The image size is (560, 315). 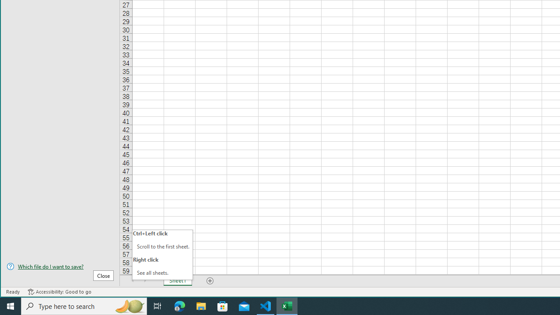 What do you see at coordinates (59, 292) in the screenshot?
I see `'Accessibility Checker Accessibility: Good to go'` at bounding box center [59, 292].